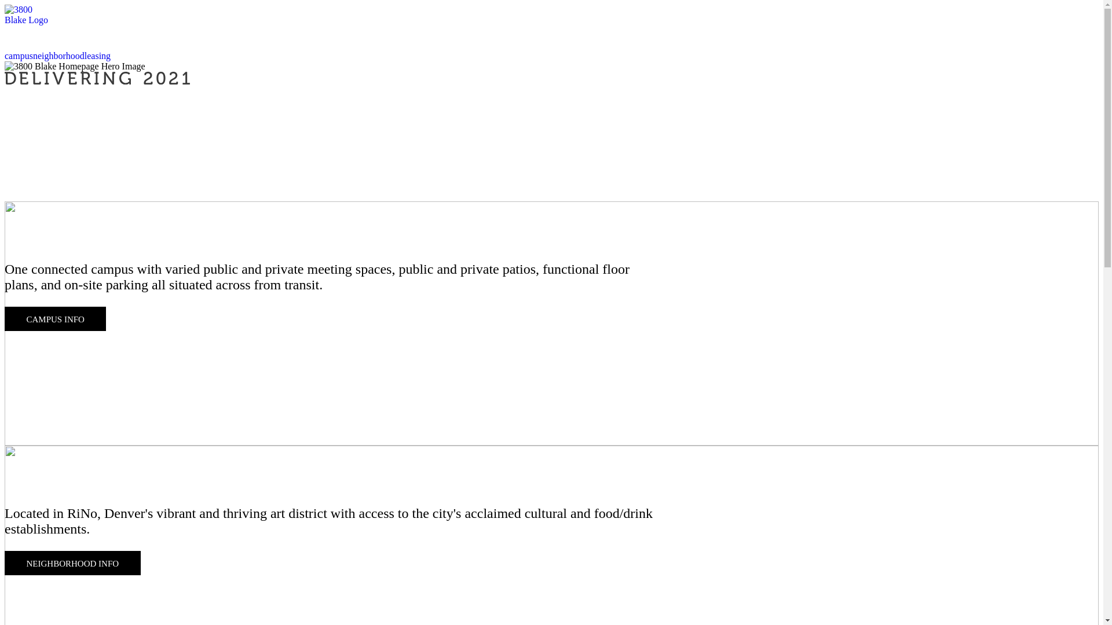 The image size is (1112, 625). What do you see at coordinates (19, 56) in the screenshot?
I see `'campus'` at bounding box center [19, 56].